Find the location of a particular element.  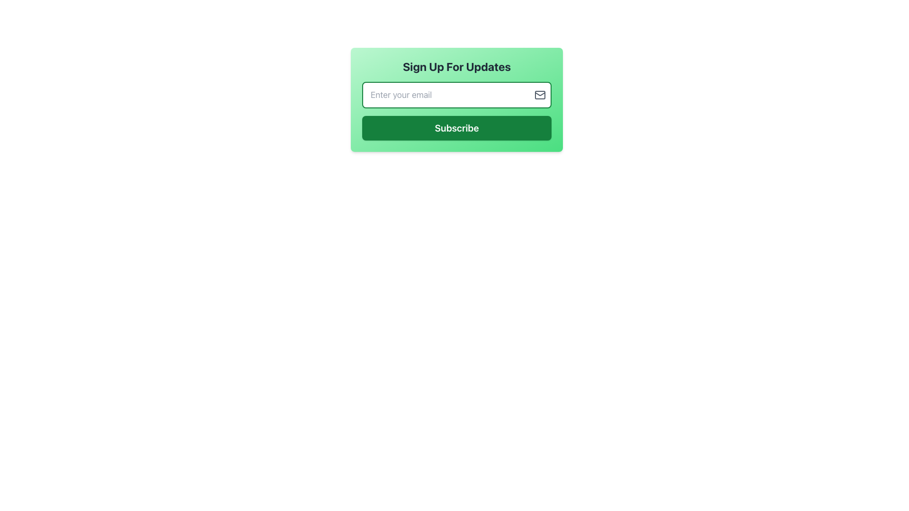

the larger background rectangle of the envelope icon located at the right edge of the email input field in the 'Sign Up For Updates' subscription form is located at coordinates (540, 95).